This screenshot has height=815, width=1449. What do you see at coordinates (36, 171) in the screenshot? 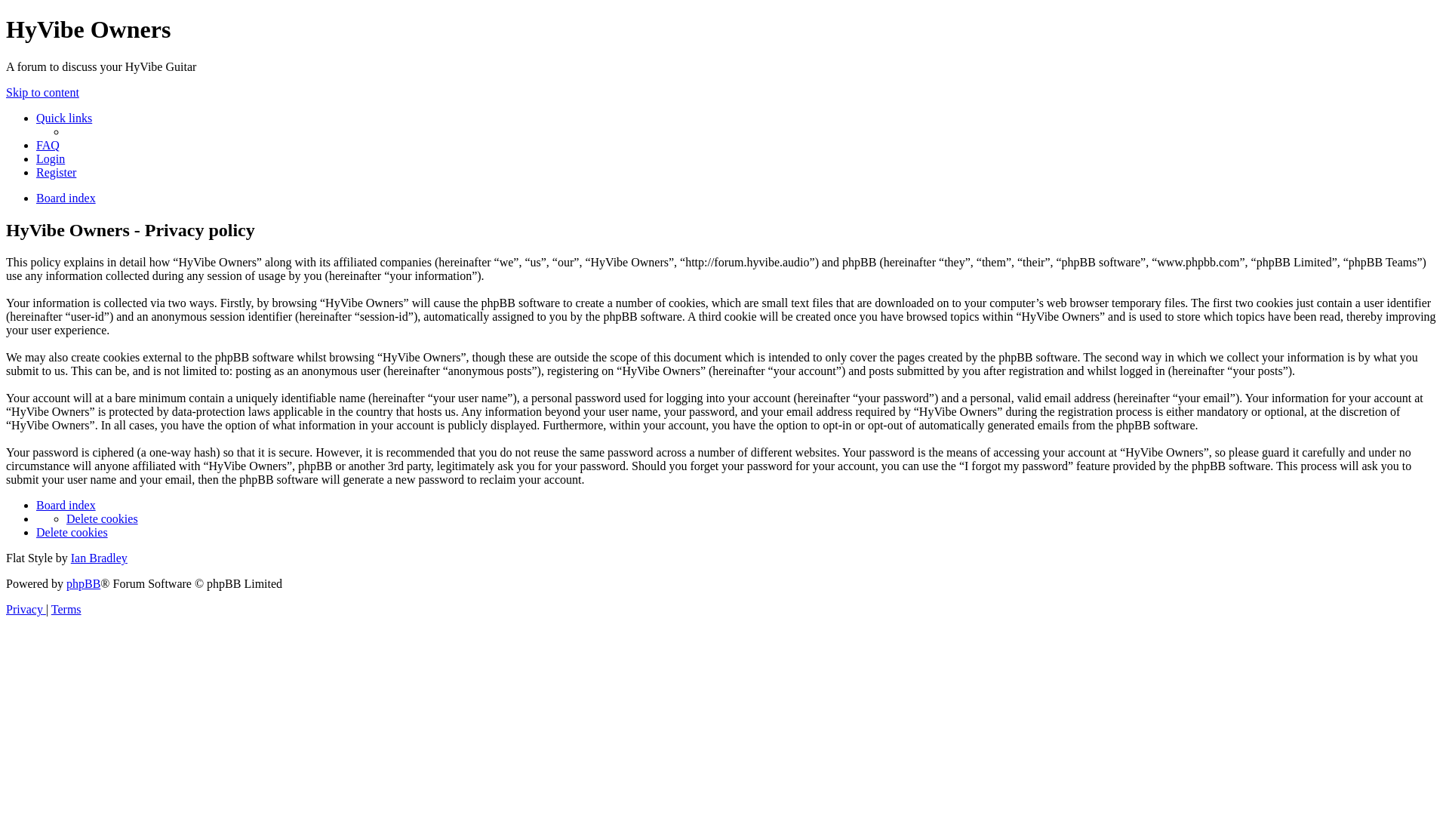
I see `'Register'` at bounding box center [36, 171].